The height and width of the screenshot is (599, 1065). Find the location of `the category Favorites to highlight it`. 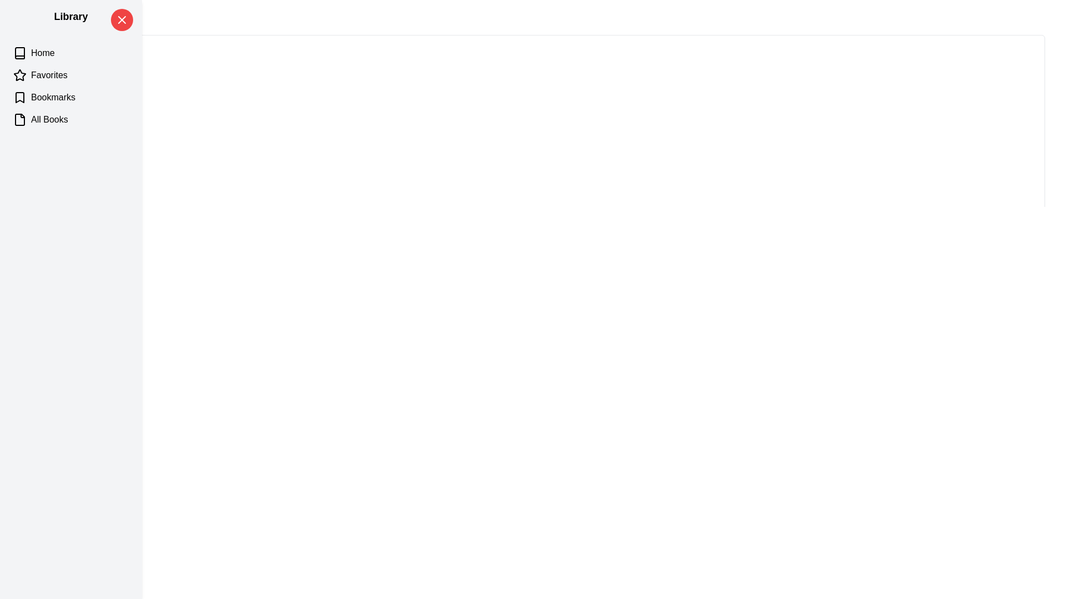

the category Favorites to highlight it is located at coordinates (70, 75).